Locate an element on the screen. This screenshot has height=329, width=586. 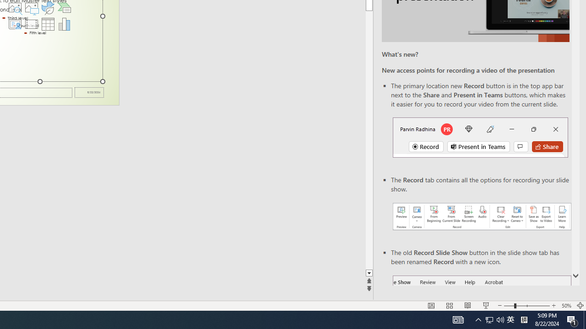
'Pictures' is located at coordinates (31, 7).